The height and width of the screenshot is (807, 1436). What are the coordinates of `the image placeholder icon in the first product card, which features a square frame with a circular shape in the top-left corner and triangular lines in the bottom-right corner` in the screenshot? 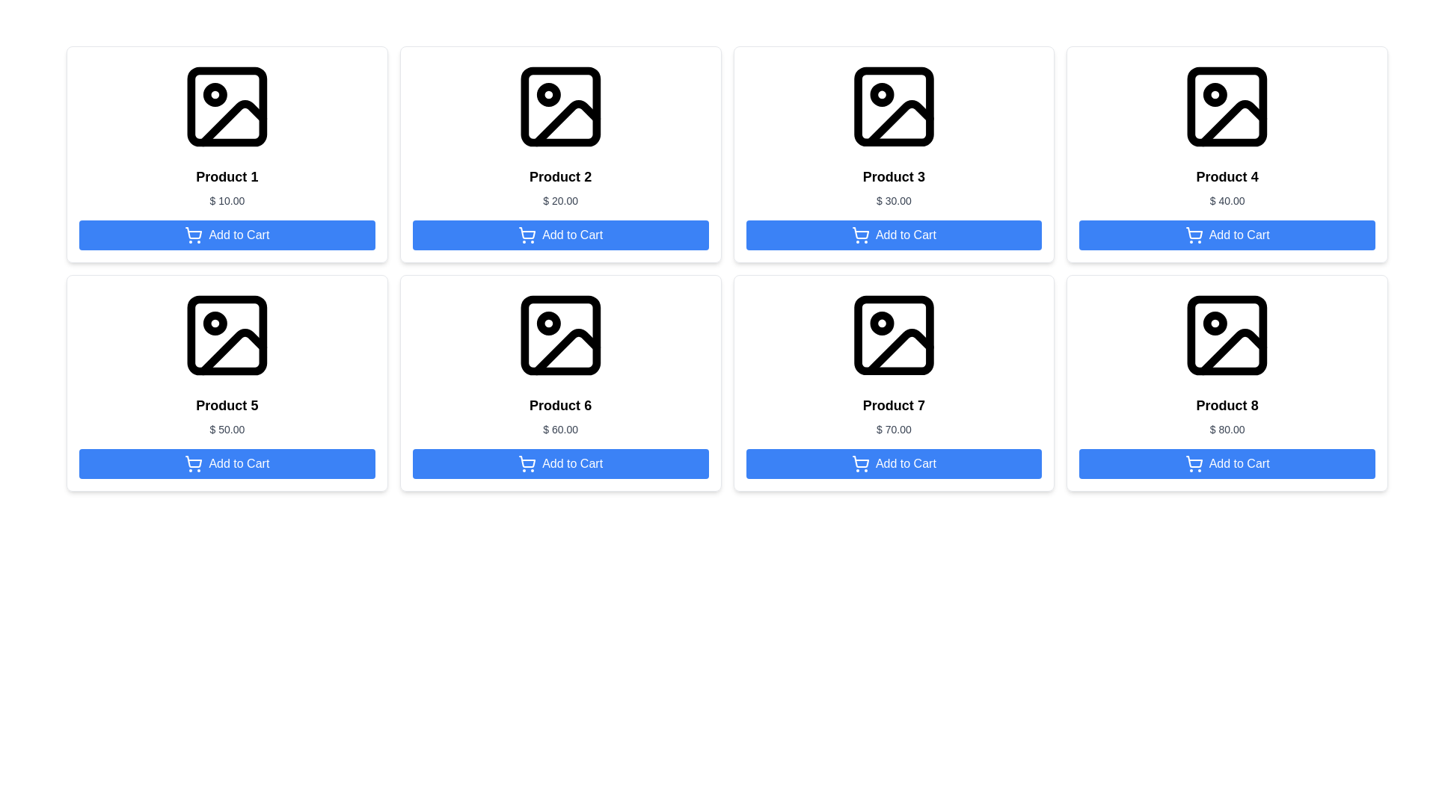 It's located at (226, 105).